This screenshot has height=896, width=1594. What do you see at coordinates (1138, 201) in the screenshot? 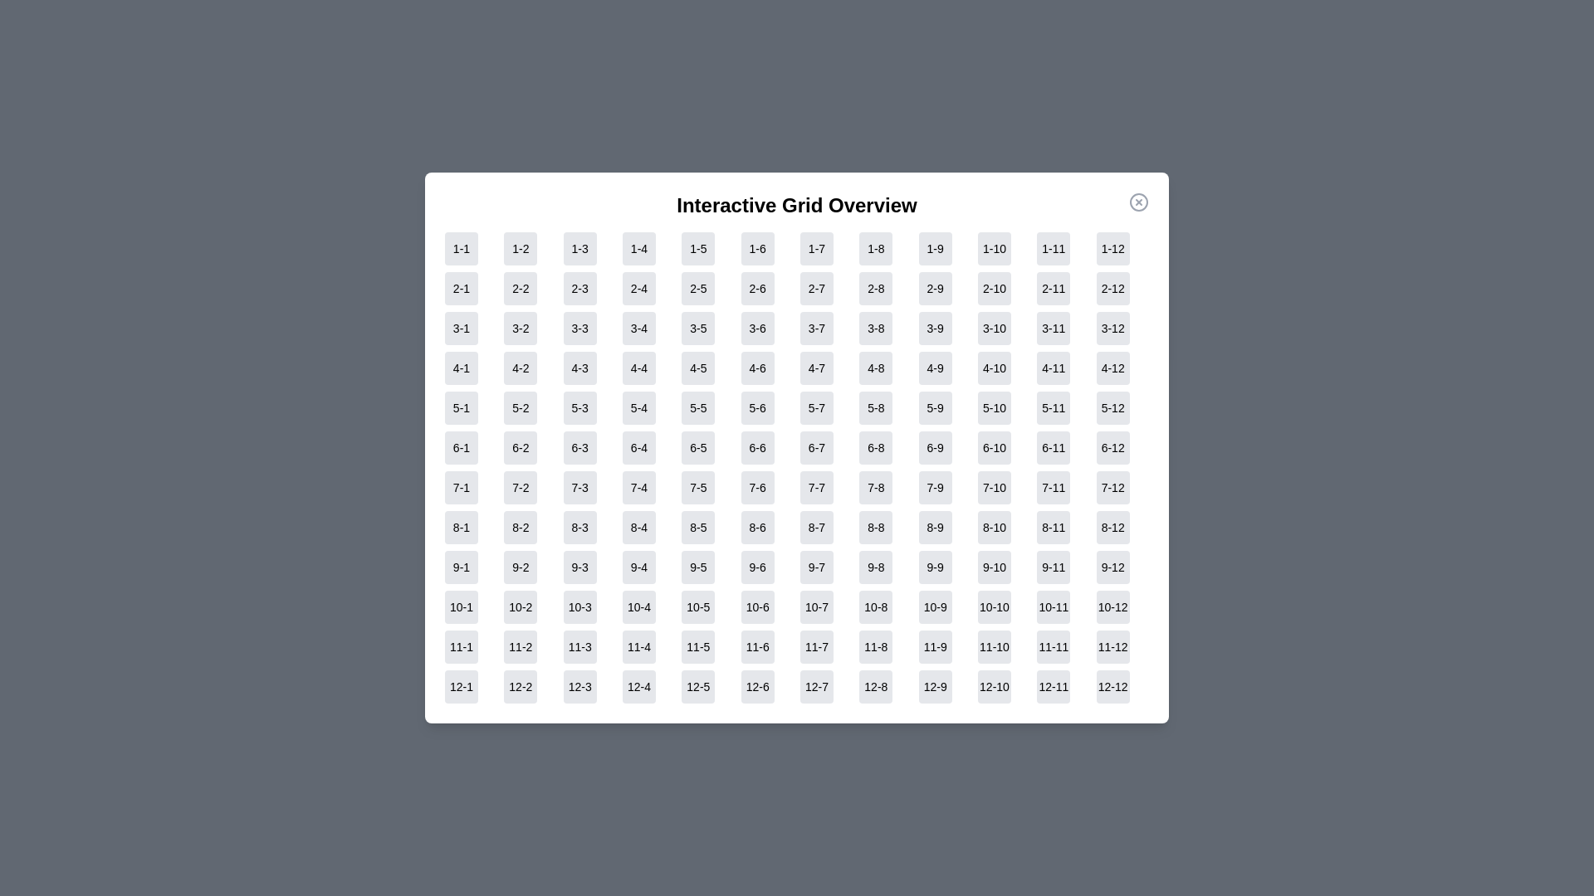
I see `the close button to close the dialog` at bounding box center [1138, 201].